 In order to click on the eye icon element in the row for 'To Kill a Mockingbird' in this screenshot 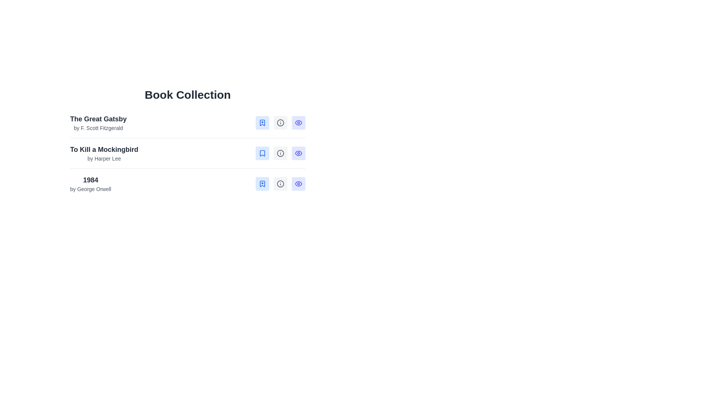, I will do `click(298, 153)`.